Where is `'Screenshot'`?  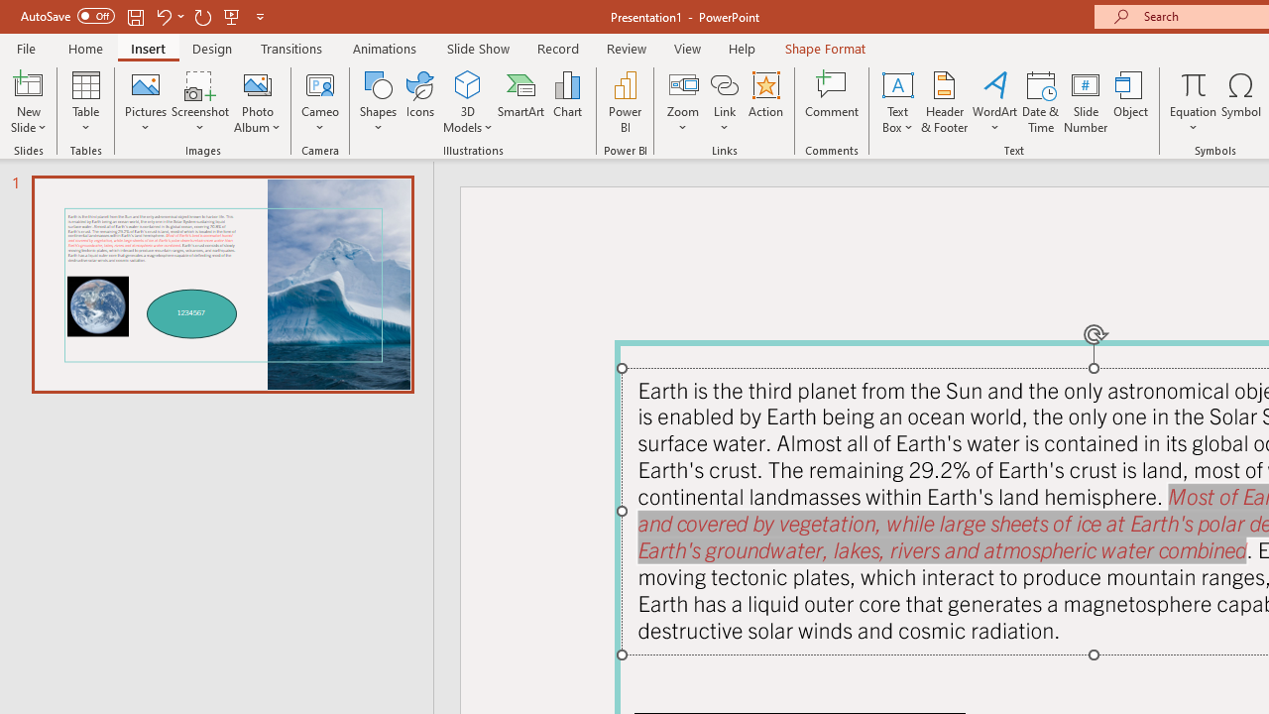 'Screenshot' is located at coordinates (200, 102).